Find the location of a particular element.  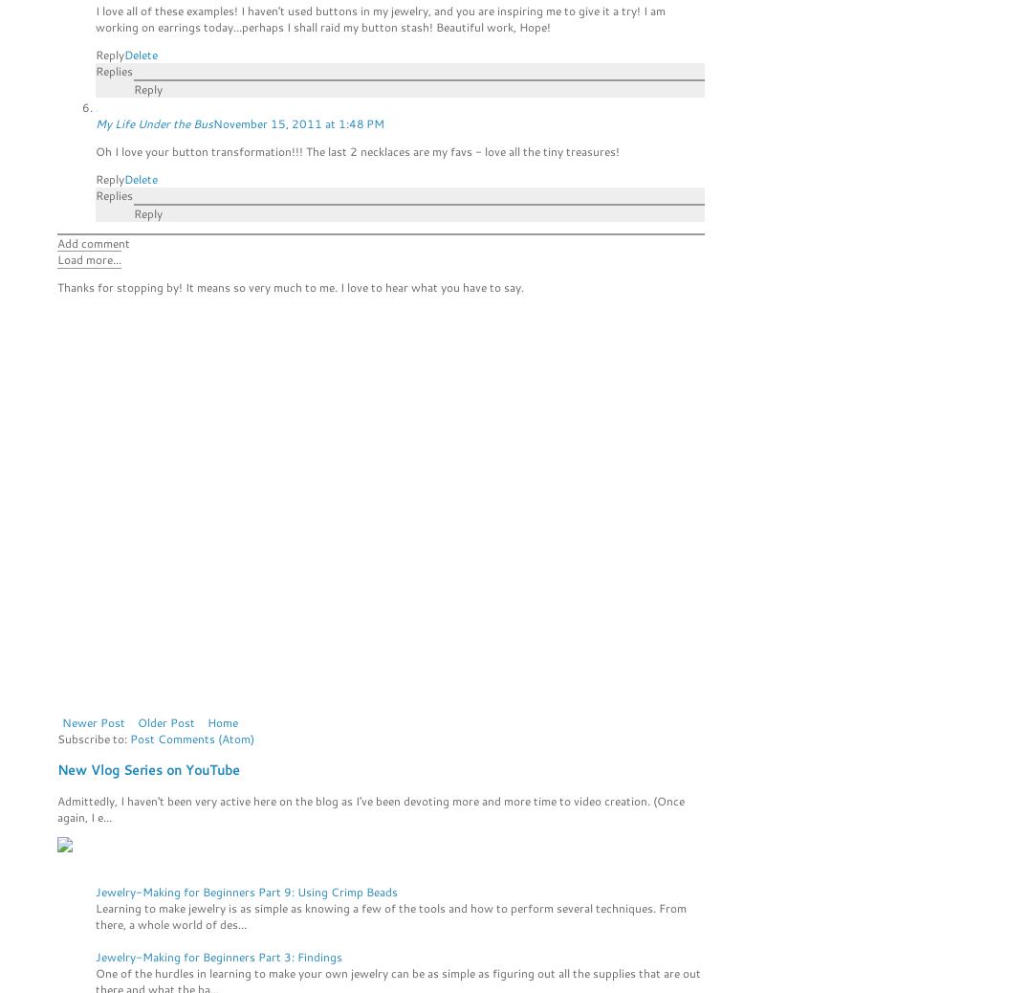

'Load more...' is located at coordinates (89, 259).